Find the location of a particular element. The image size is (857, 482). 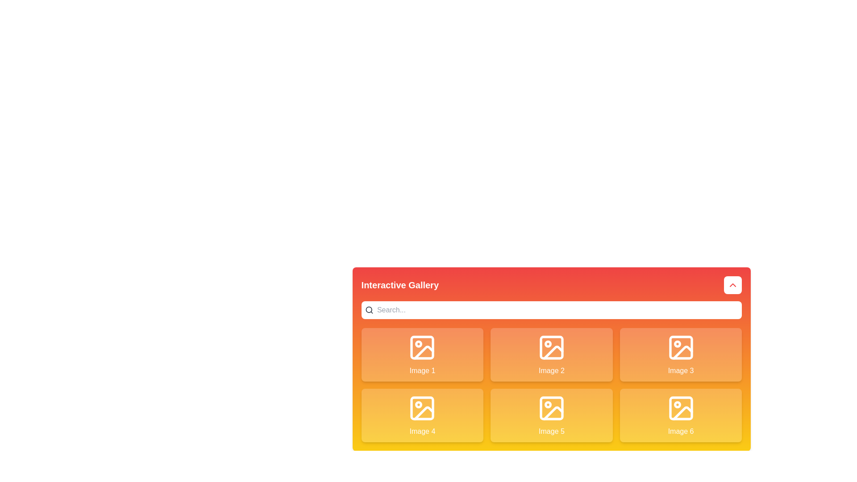

the non-interactive SVG circle element, which is a small decorative circle within the 'Image 2' card in the second position of the top row in a grid layout is located at coordinates (548, 344).